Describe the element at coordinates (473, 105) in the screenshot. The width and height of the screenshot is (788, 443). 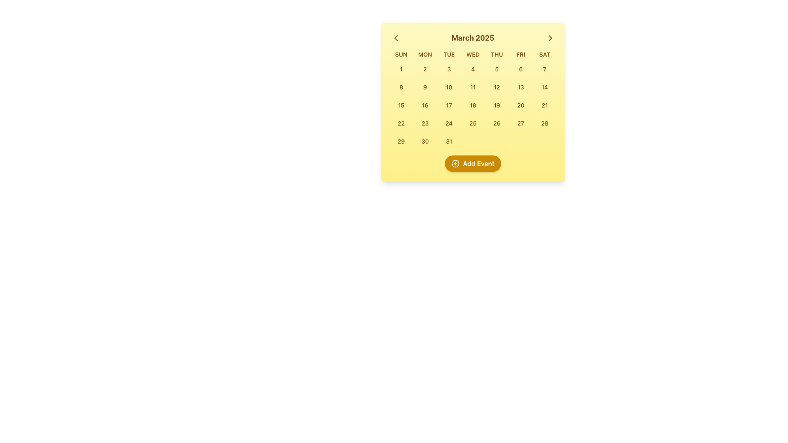
I see `the text indicating the 18th day of the month` at that location.